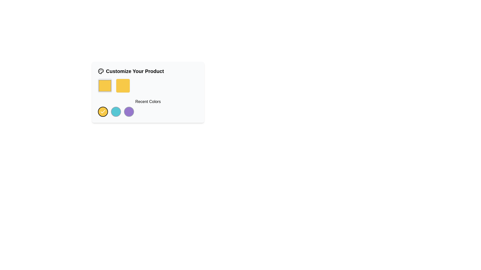  What do you see at coordinates (103, 111) in the screenshot?
I see `the yellow color selector button with a checkmark, which is the first in the set of circular color buttons under the 'Recent Colors' label` at bounding box center [103, 111].